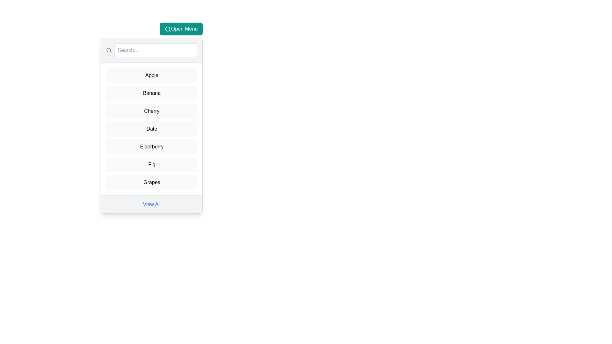 This screenshot has height=344, width=612. I want to click on the Magnifying Glass icon within the 'Open Menu' button, indicating search functionality, so click(168, 29).